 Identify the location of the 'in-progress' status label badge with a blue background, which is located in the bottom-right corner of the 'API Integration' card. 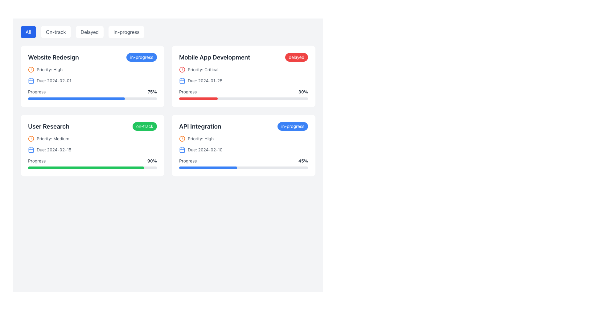
(292, 126).